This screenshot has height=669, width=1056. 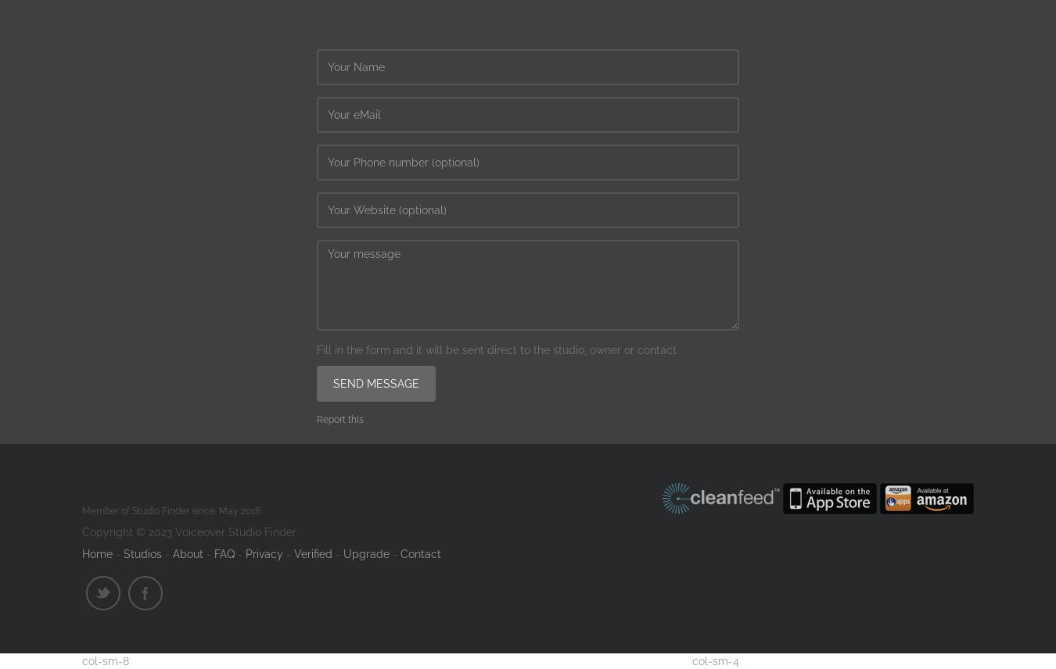 I want to click on 'Report this', so click(x=339, y=418).